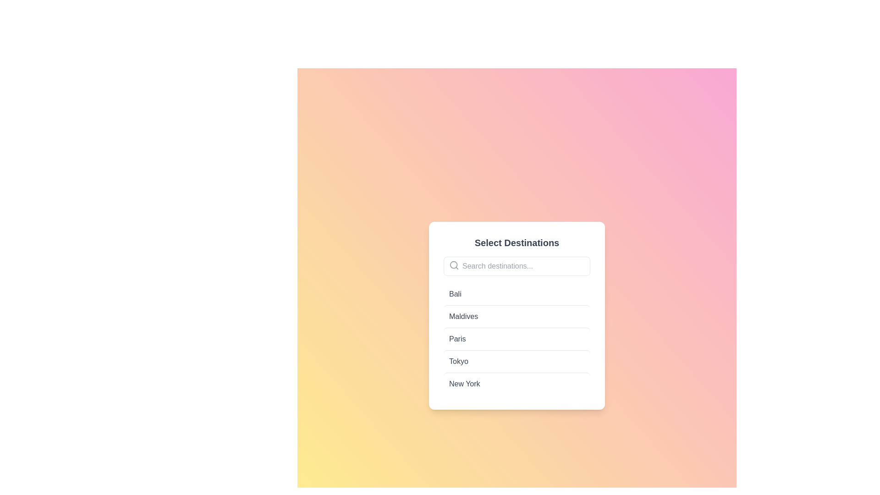 Image resolution: width=880 pixels, height=495 pixels. Describe the element at coordinates (457, 339) in the screenshot. I see `the text label displaying 'Paris', which is styled with a medium font weight and gray color, located within a list under the header 'Select Destinations'` at that location.